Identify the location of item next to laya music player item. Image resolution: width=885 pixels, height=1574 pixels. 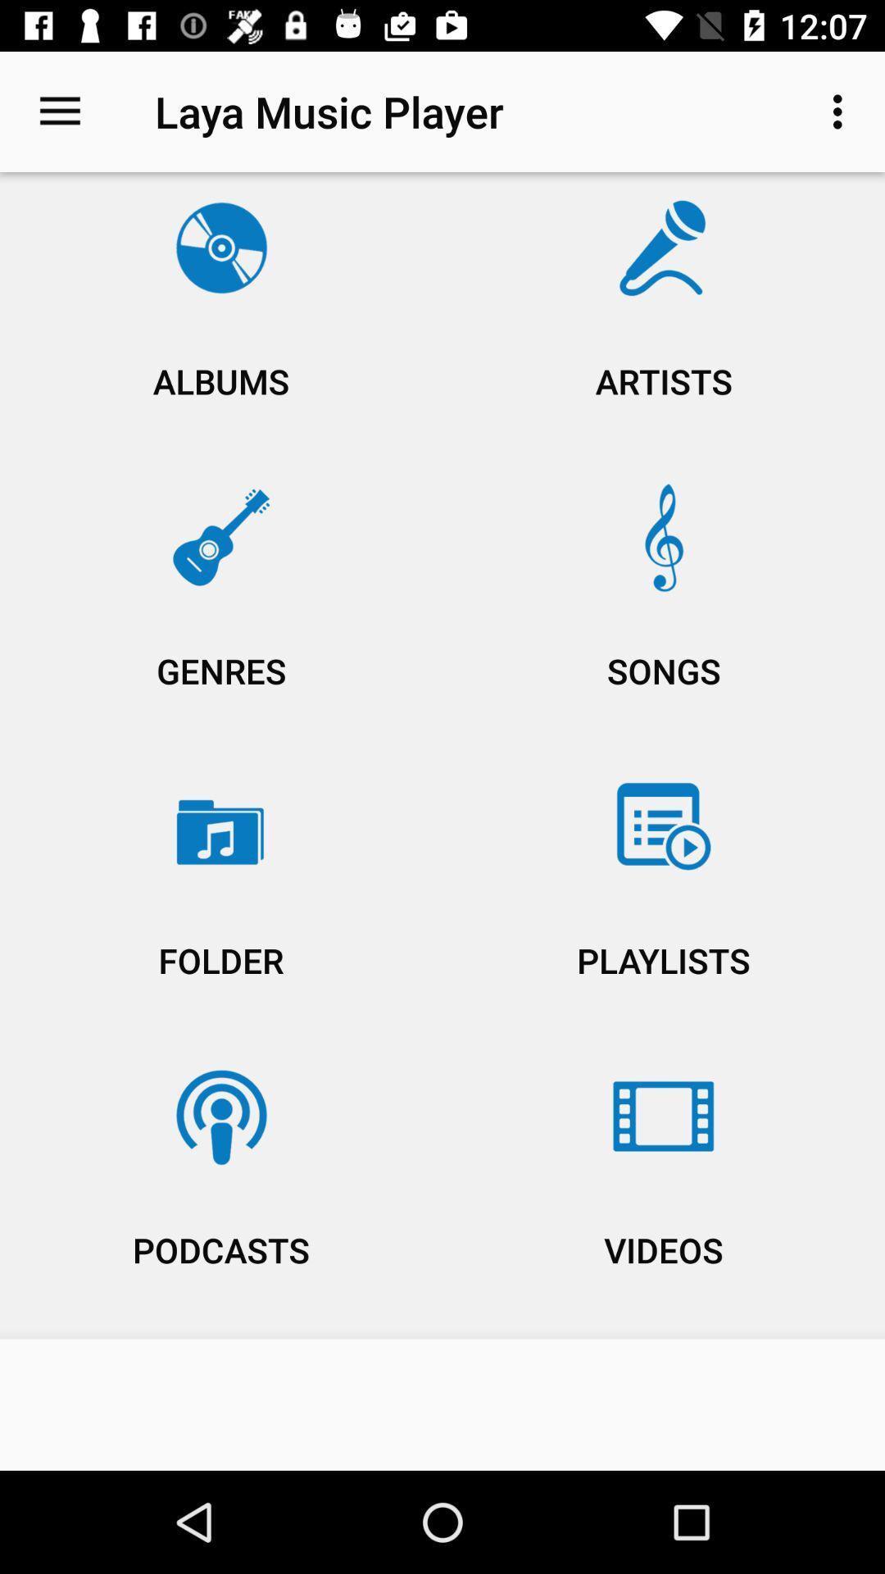
(842, 111).